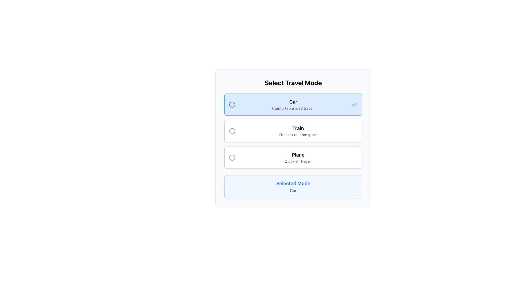 Image resolution: width=519 pixels, height=292 pixels. What do you see at coordinates (293, 104) in the screenshot?
I see `the selectable item titled 'Car' which has the description 'Comfortable road travel.'` at bounding box center [293, 104].